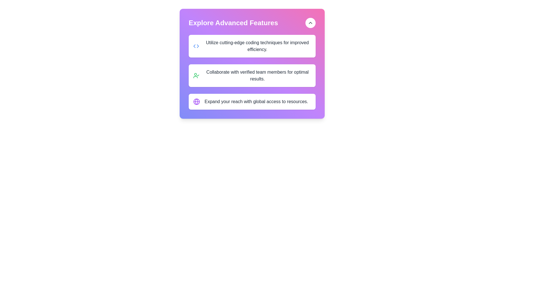  I want to click on the coding icon located at the leftmost position of the first entry in the list within the purple card titled 'Explore Advanced Features', next to the text 'Utilize cutting-edge coding techniques for improved efficiency.', so click(196, 46).